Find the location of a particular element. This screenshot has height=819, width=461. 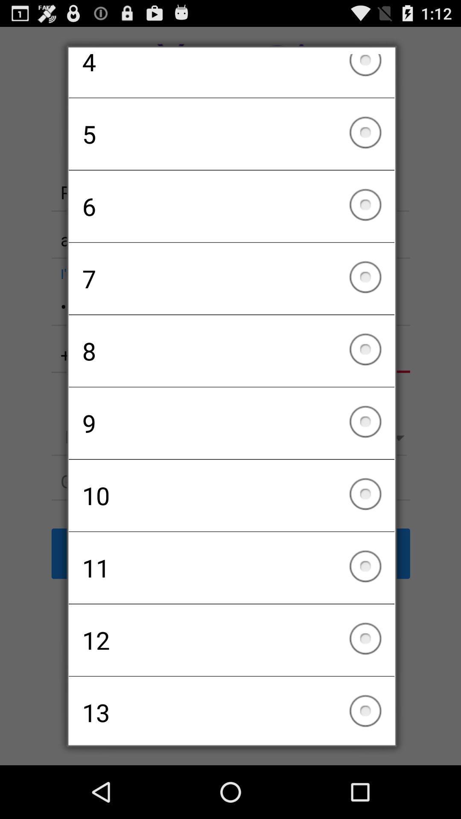

the 7 checkbox is located at coordinates (231, 279).